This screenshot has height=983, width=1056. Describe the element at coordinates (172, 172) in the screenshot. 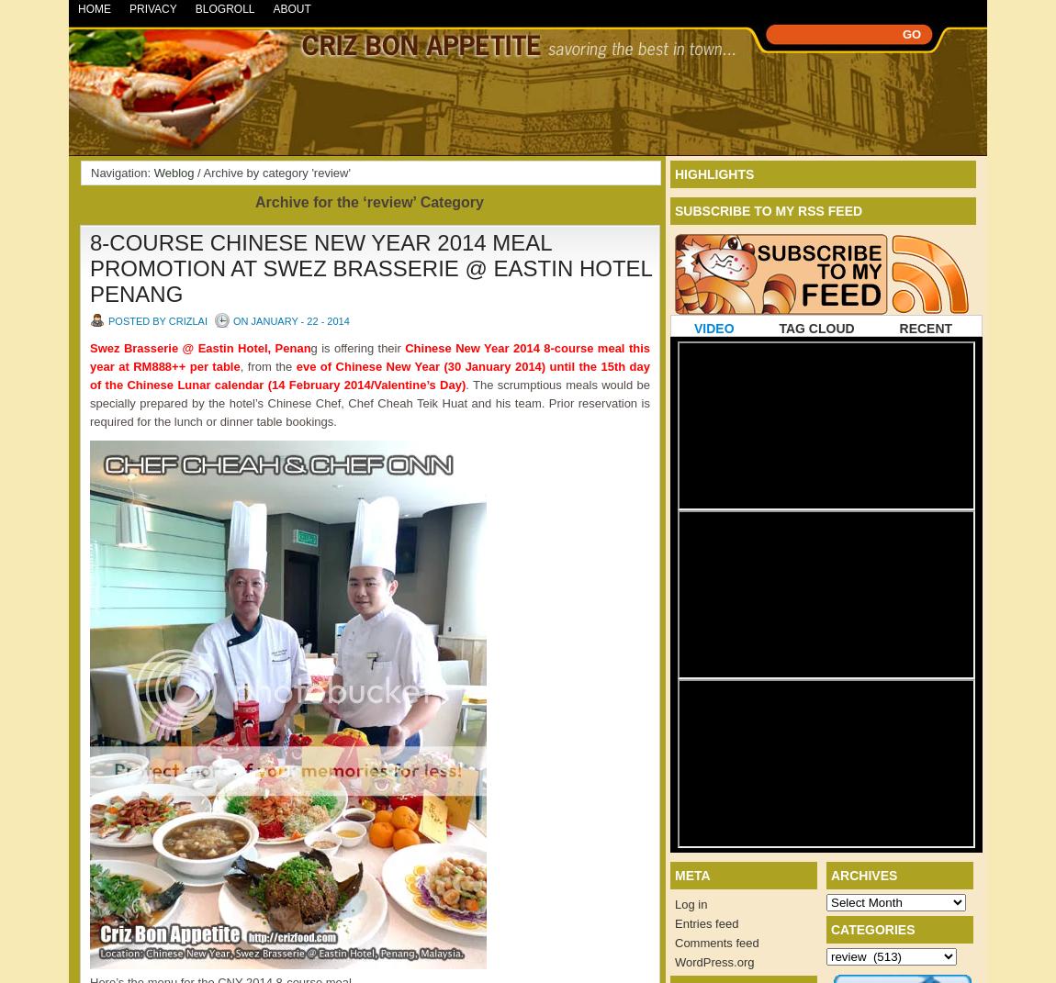

I see `'Weblog'` at that location.